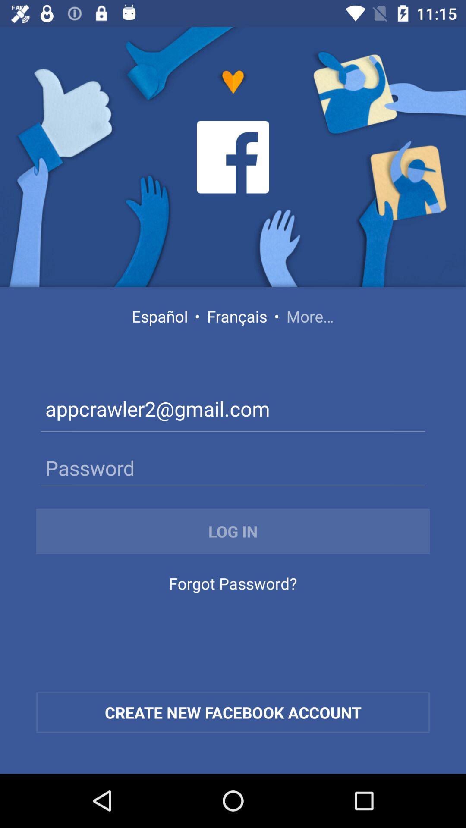  What do you see at coordinates (233, 586) in the screenshot?
I see `forgot password? icon` at bounding box center [233, 586].